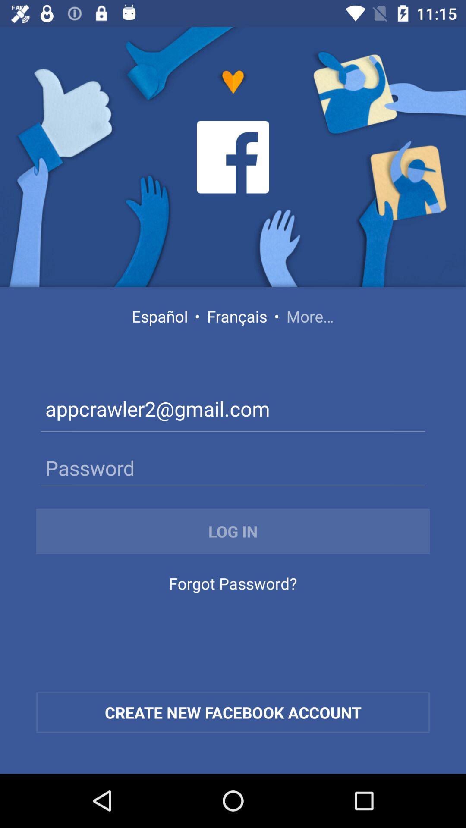  What do you see at coordinates (233, 586) in the screenshot?
I see `forgot password? icon` at bounding box center [233, 586].